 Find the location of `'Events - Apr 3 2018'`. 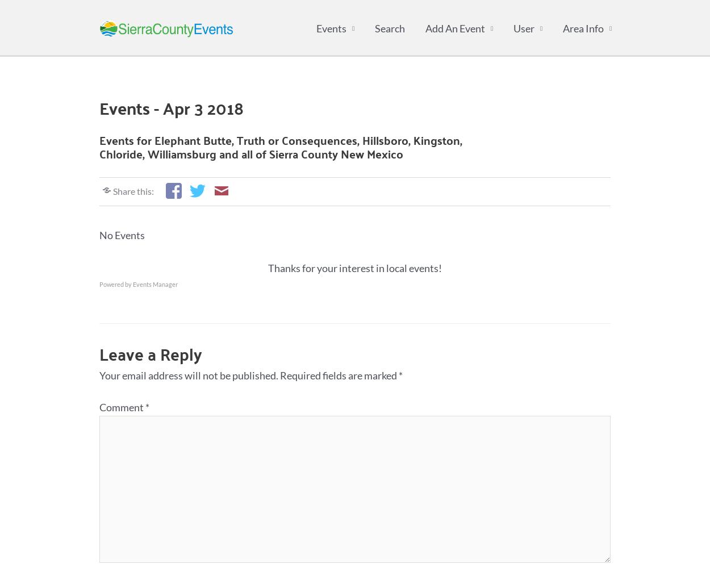

'Events - Apr 3 2018' is located at coordinates (99, 107).